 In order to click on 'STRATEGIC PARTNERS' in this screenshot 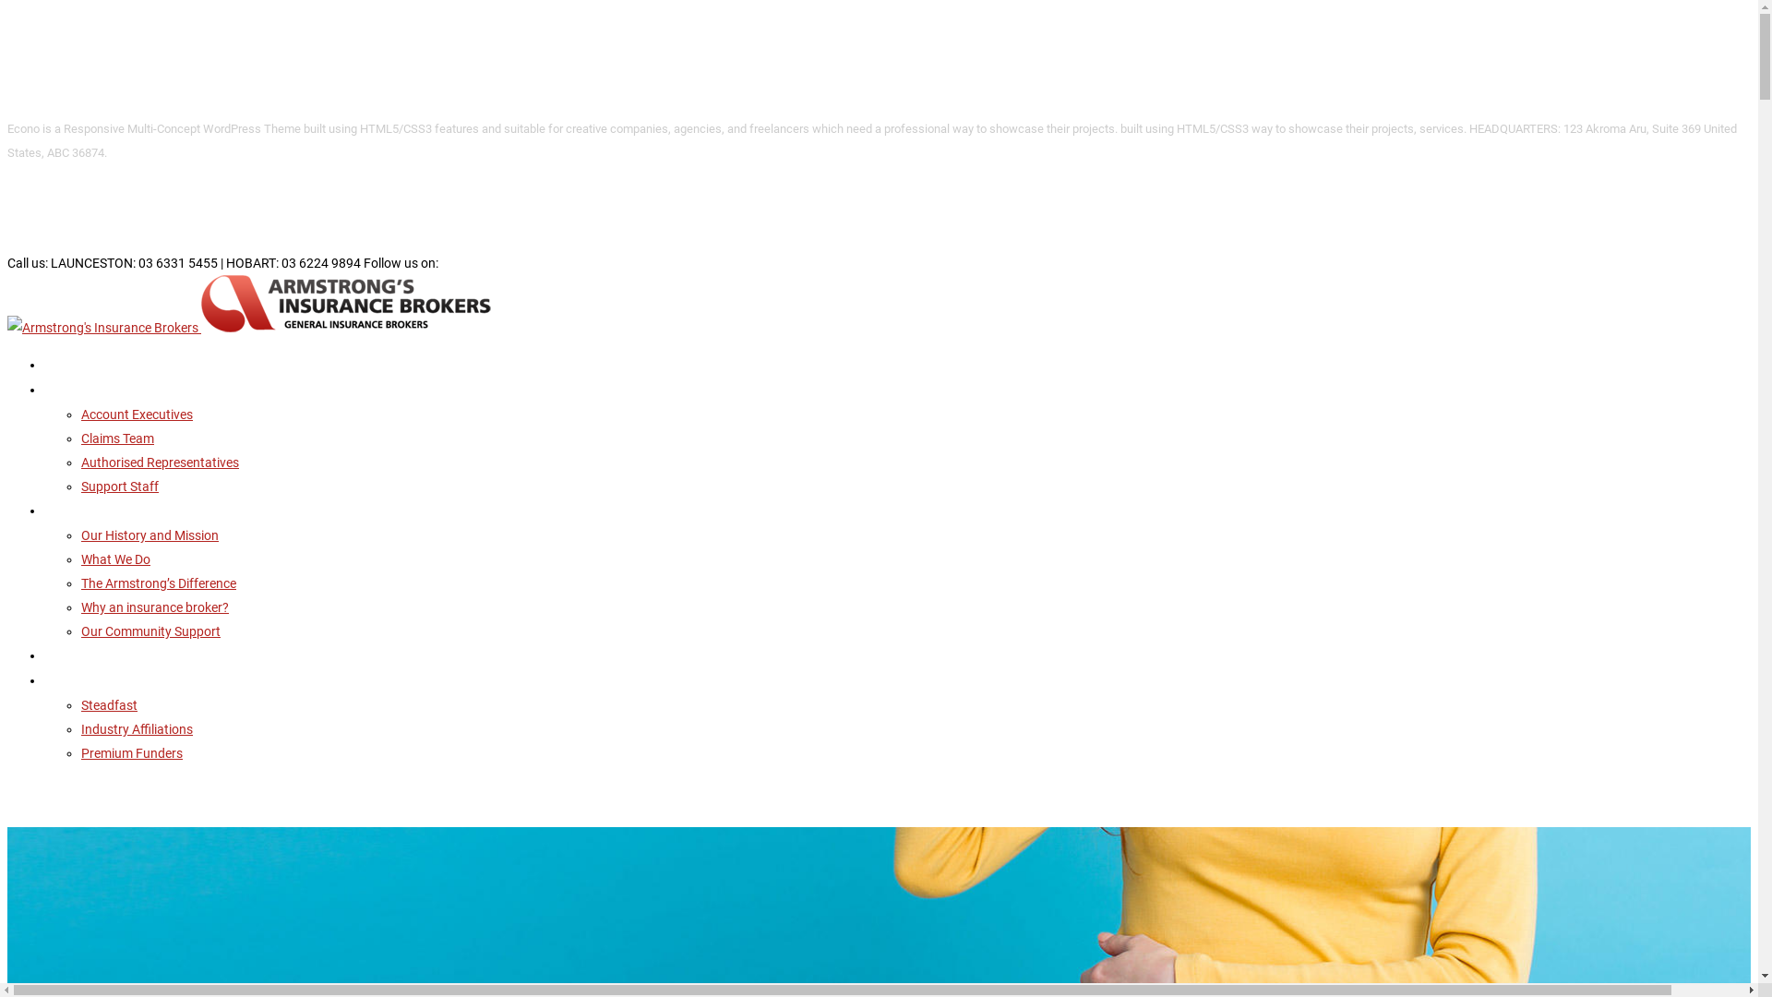, I will do `click(105, 680)`.